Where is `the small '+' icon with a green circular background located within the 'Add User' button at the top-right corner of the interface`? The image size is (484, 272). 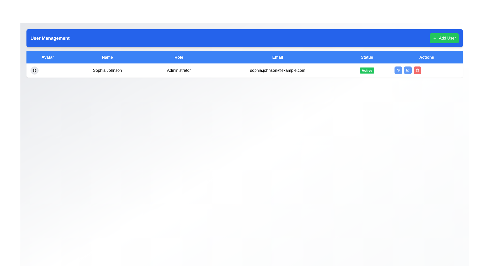
the small '+' icon with a green circular background located within the 'Add User' button at the top-right corner of the interface is located at coordinates (435, 38).